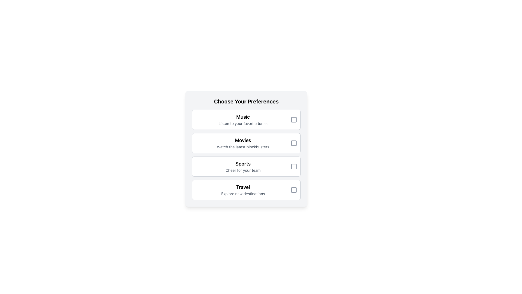 This screenshot has width=522, height=294. I want to click on the checkbox, so click(293, 143).